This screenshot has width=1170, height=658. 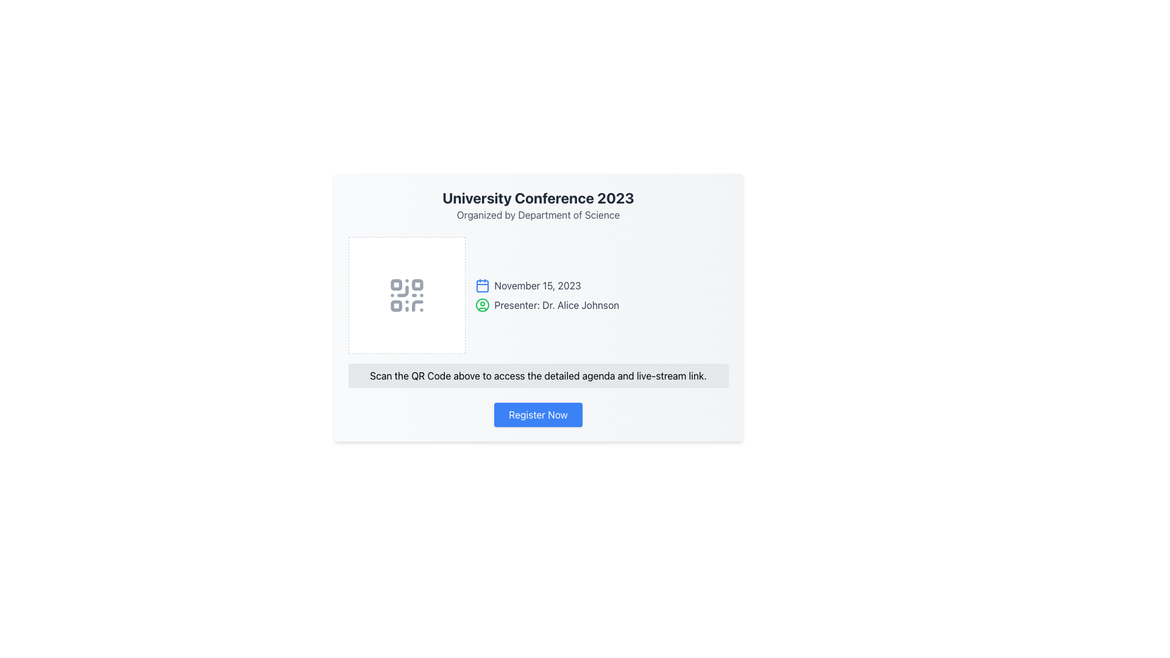 I want to click on text from the header section displaying 'University Conference 2023' and 'Organized by Department of Science', which is styled in bold and lighter gray respectively, so click(x=537, y=204).